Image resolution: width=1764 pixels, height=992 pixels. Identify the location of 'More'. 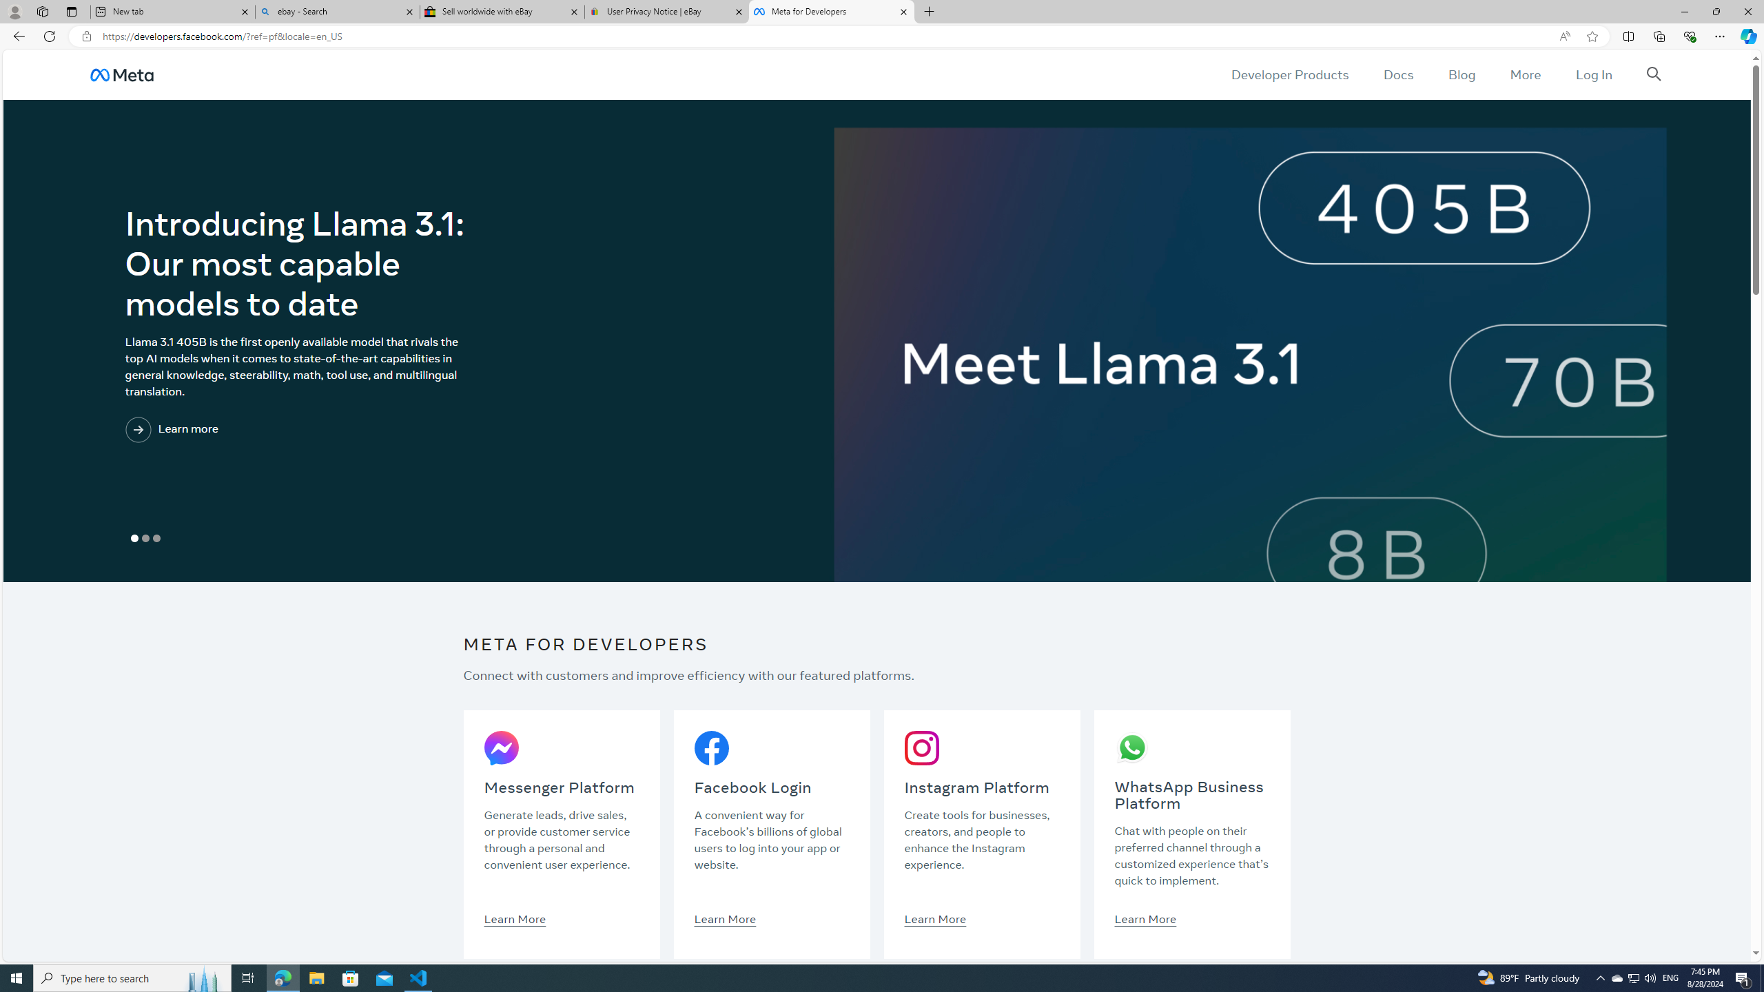
(1525, 74).